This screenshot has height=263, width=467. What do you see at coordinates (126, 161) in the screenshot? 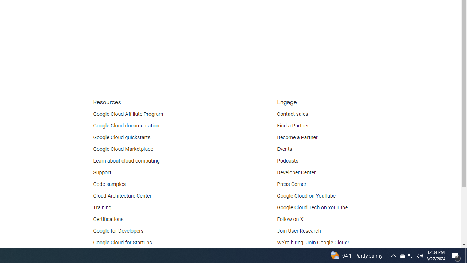
I see `'Learn about cloud computing'` at bounding box center [126, 161].